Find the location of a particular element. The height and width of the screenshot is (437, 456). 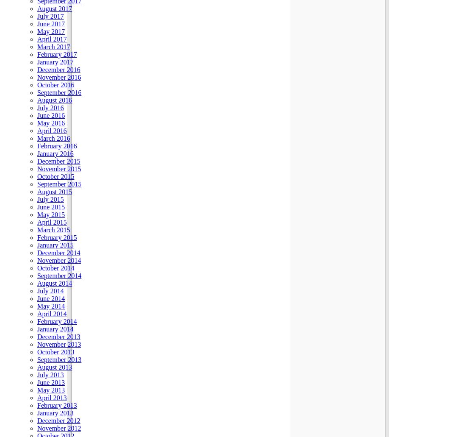

'January 2015' is located at coordinates (55, 244).